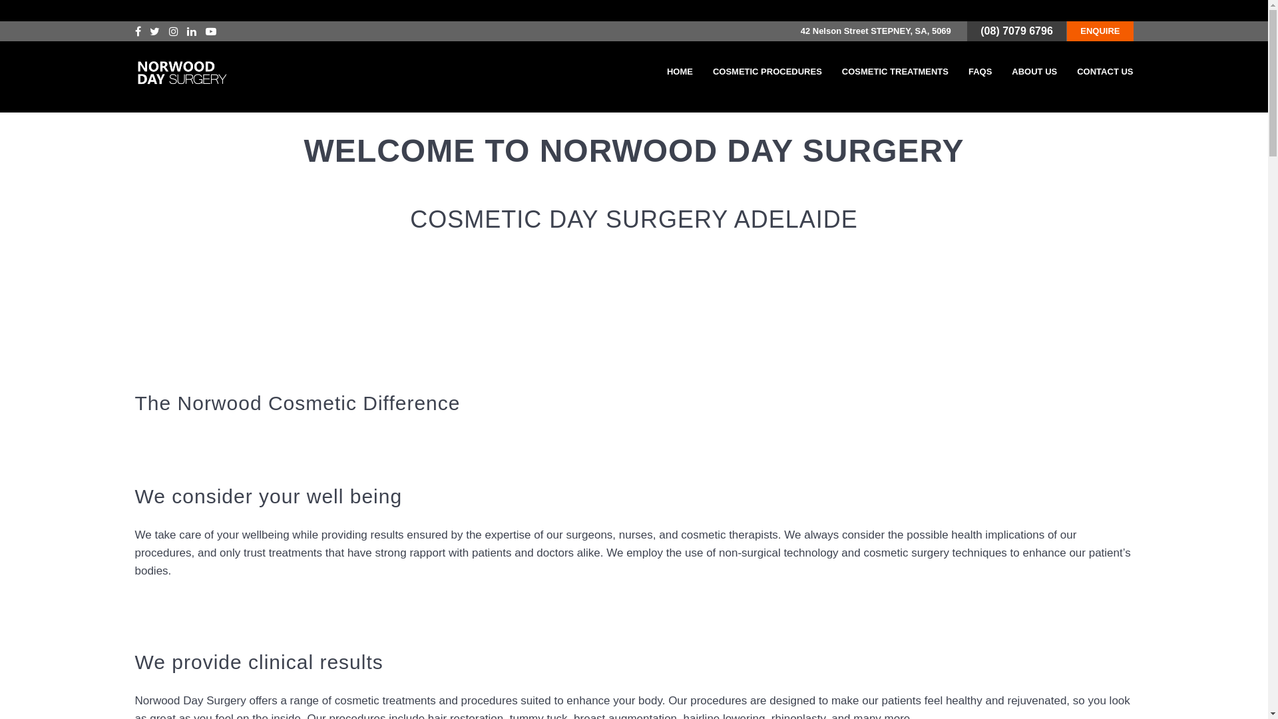 This screenshot has height=719, width=1278. Describe the element at coordinates (1034, 72) in the screenshot. I see `'ABOUT US'` at that location.